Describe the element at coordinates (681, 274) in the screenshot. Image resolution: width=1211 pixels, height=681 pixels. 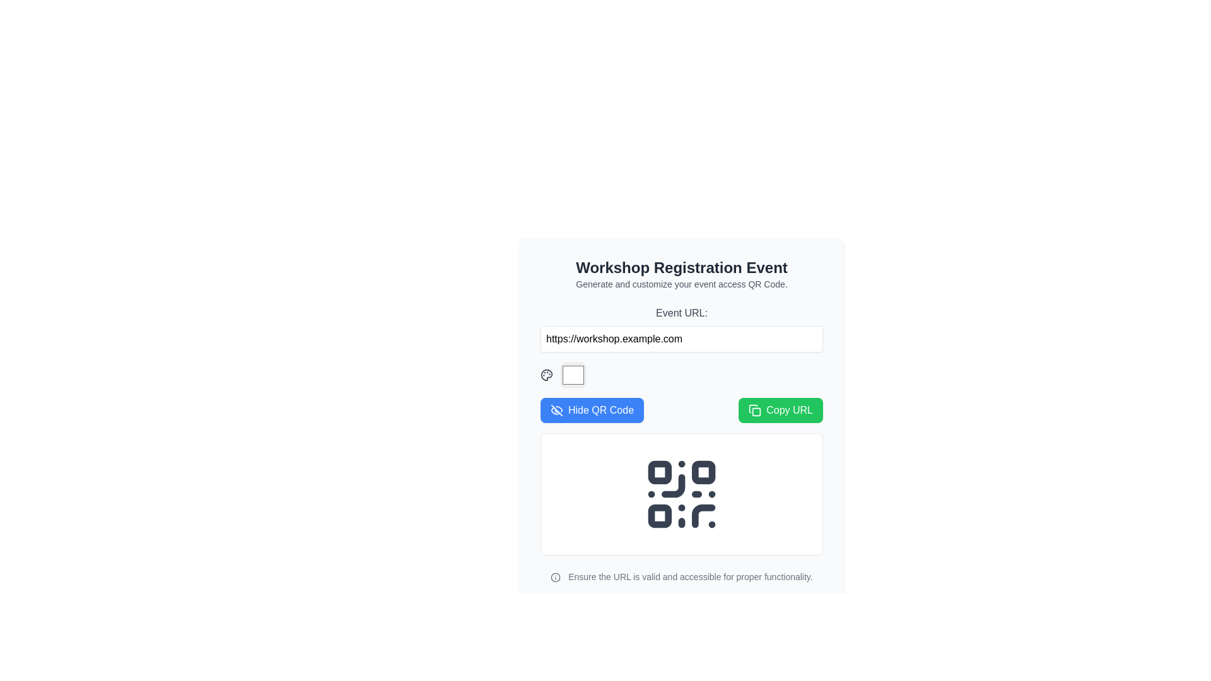
I see `text from the topmost text block titled 'Workshop Registration Event' with a subheader 'Generate and customize your event access QR Code.'` at that location.